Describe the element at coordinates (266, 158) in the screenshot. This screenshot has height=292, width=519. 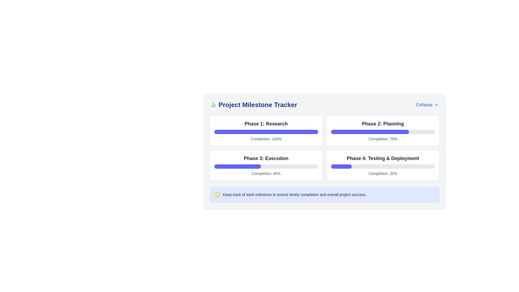
I see `the header text 'Phase 3: Execution' which is styled in a bold, large dark gray font, located in the bottom-left section of the milestone tracker grid` at that location.